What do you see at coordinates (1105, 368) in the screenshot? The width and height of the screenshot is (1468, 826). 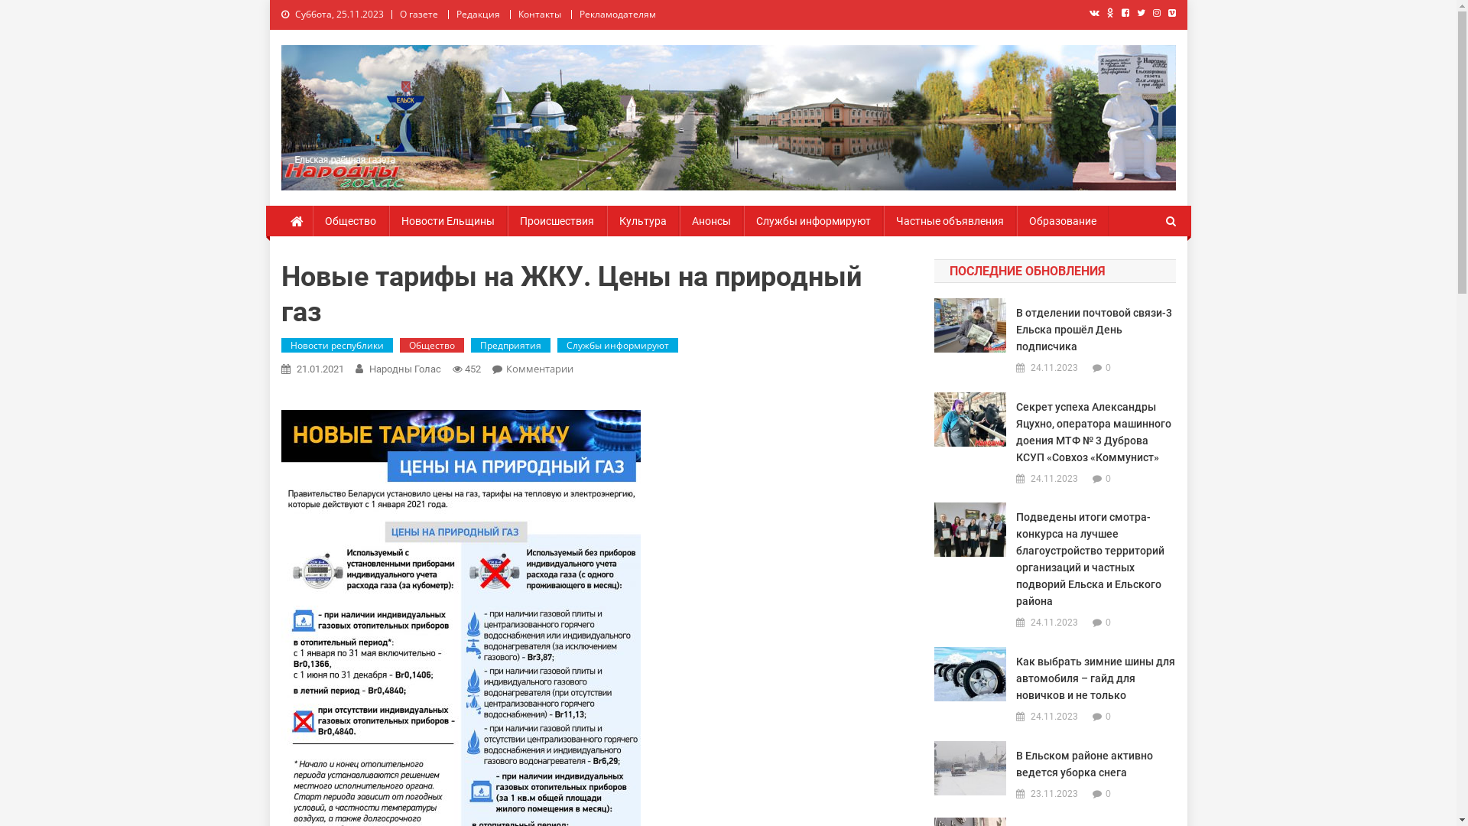 I see `'0'` at bounding box center [1105, 368].